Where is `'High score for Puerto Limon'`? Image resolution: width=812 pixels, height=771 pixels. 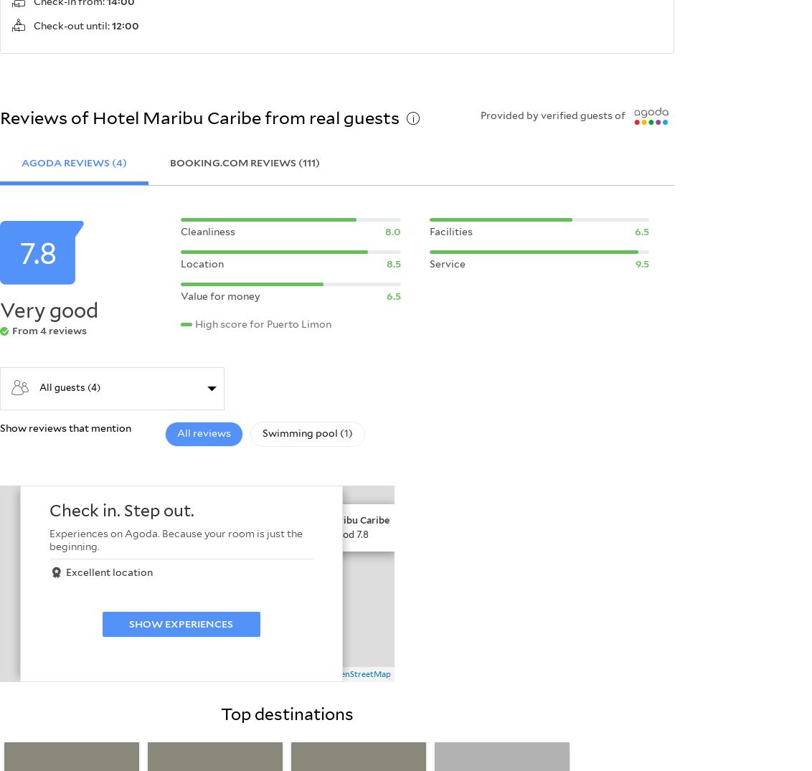 'High score for Puerto Limon' is located at coordinates (263, 323).